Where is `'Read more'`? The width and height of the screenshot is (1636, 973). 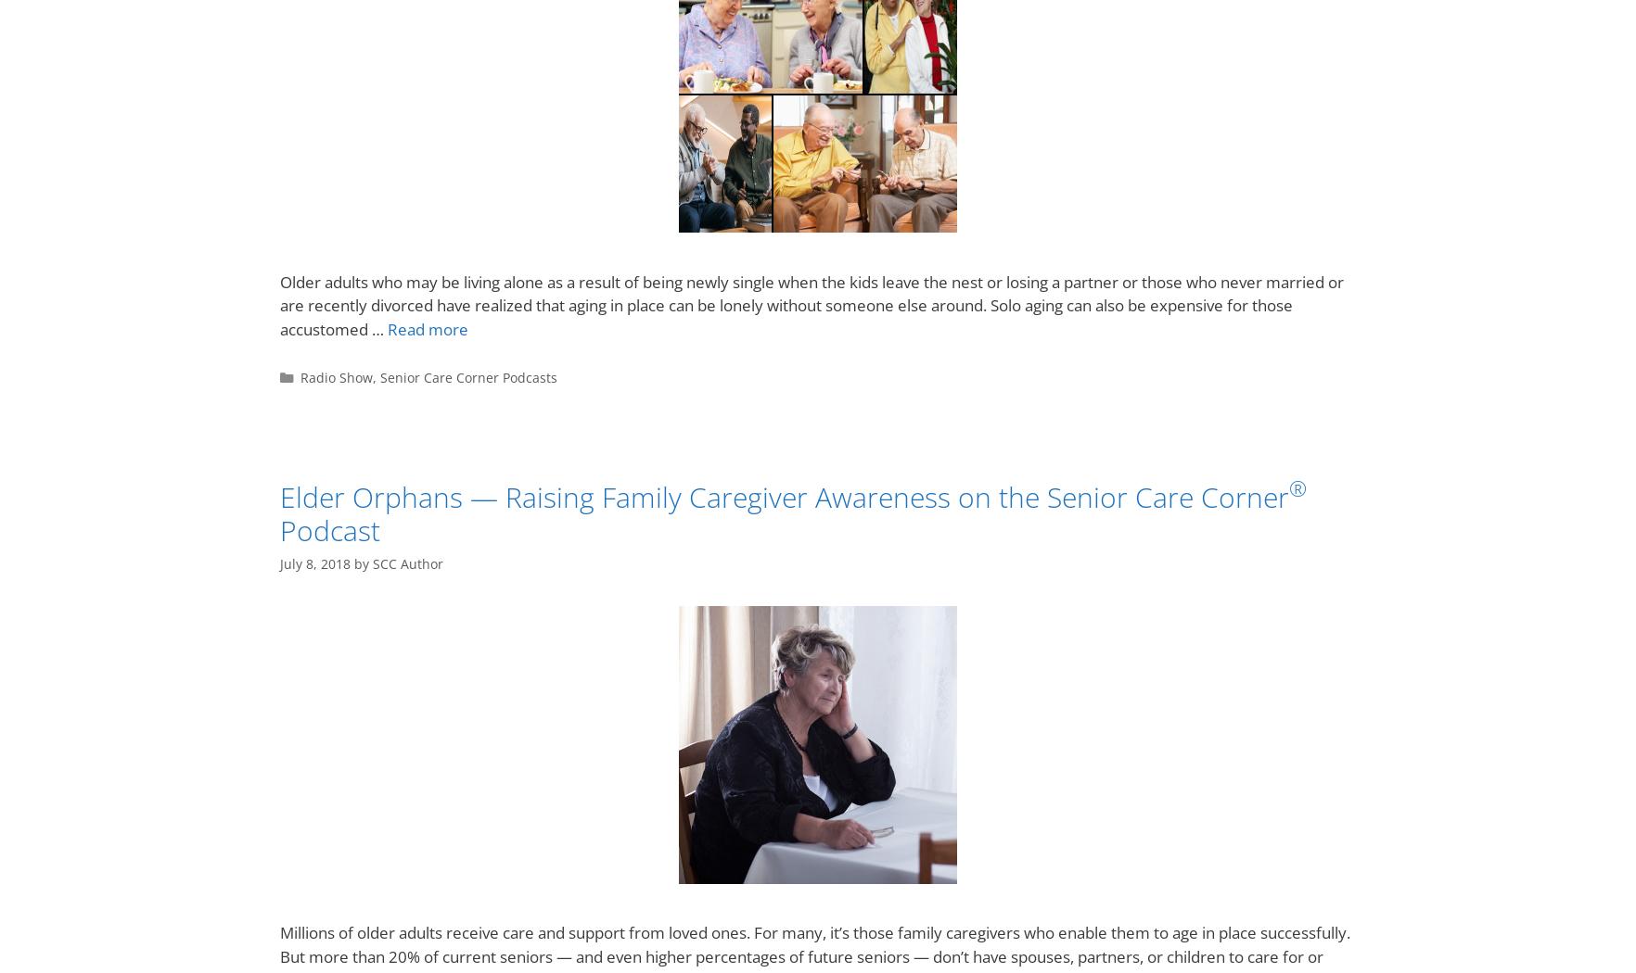
'Read more' is located at coordinates (427, 327).